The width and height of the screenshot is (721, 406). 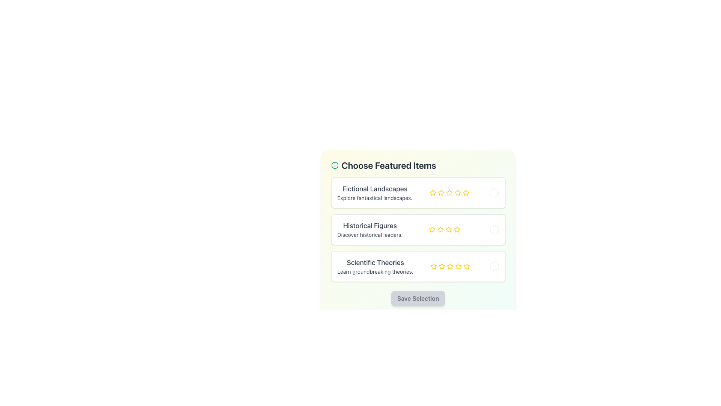 I want to click on the fifth star in the rating system next to 'Fictional Landscapes', so click(x=466, y=192).